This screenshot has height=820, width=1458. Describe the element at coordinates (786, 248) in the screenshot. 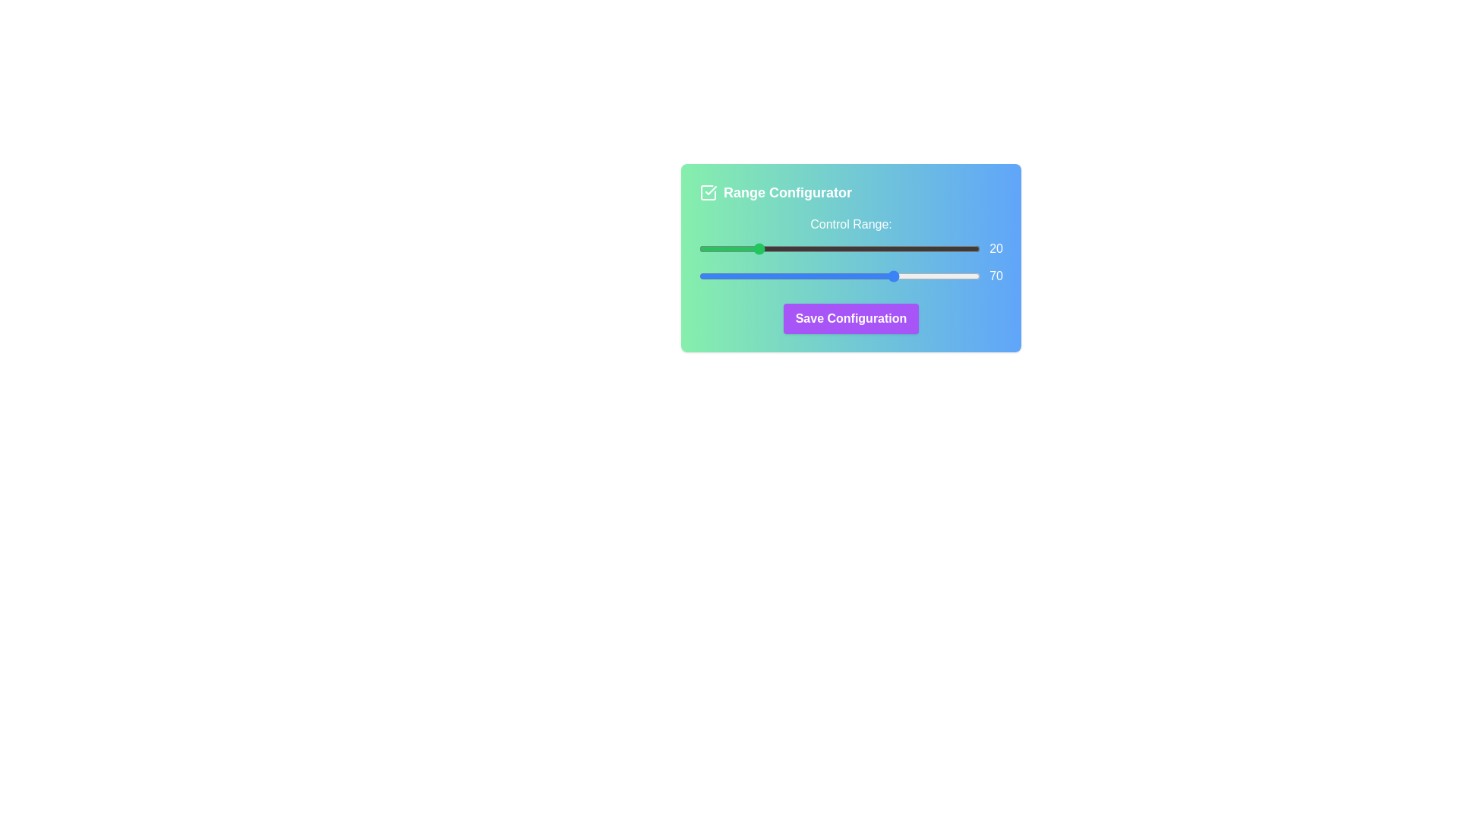

I see `the start range slider to set the value to 31` at that location.